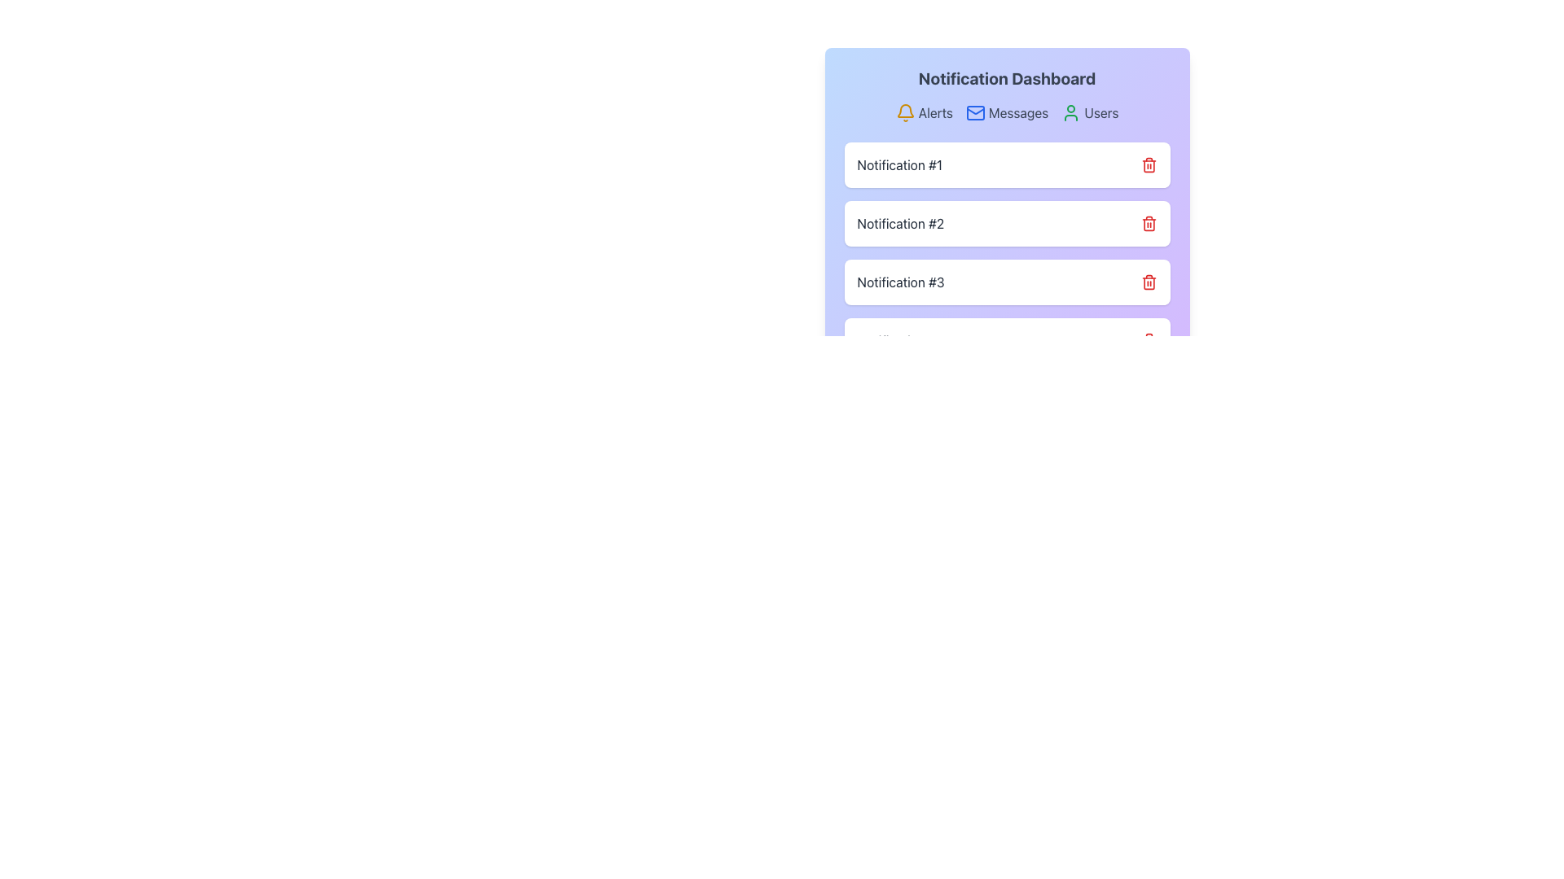 The image size is (1564, 879). I want to click on text 'Notification #2' displayed in gray within the second notification box, which is part of a vertical list of notifications, so click(899, 223).